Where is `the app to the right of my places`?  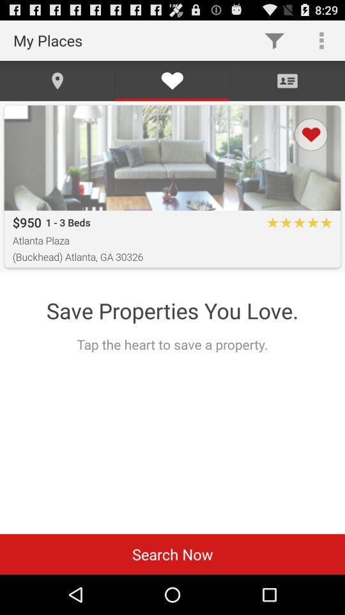 the app to the right of my places is located at coordinates (273, 40).